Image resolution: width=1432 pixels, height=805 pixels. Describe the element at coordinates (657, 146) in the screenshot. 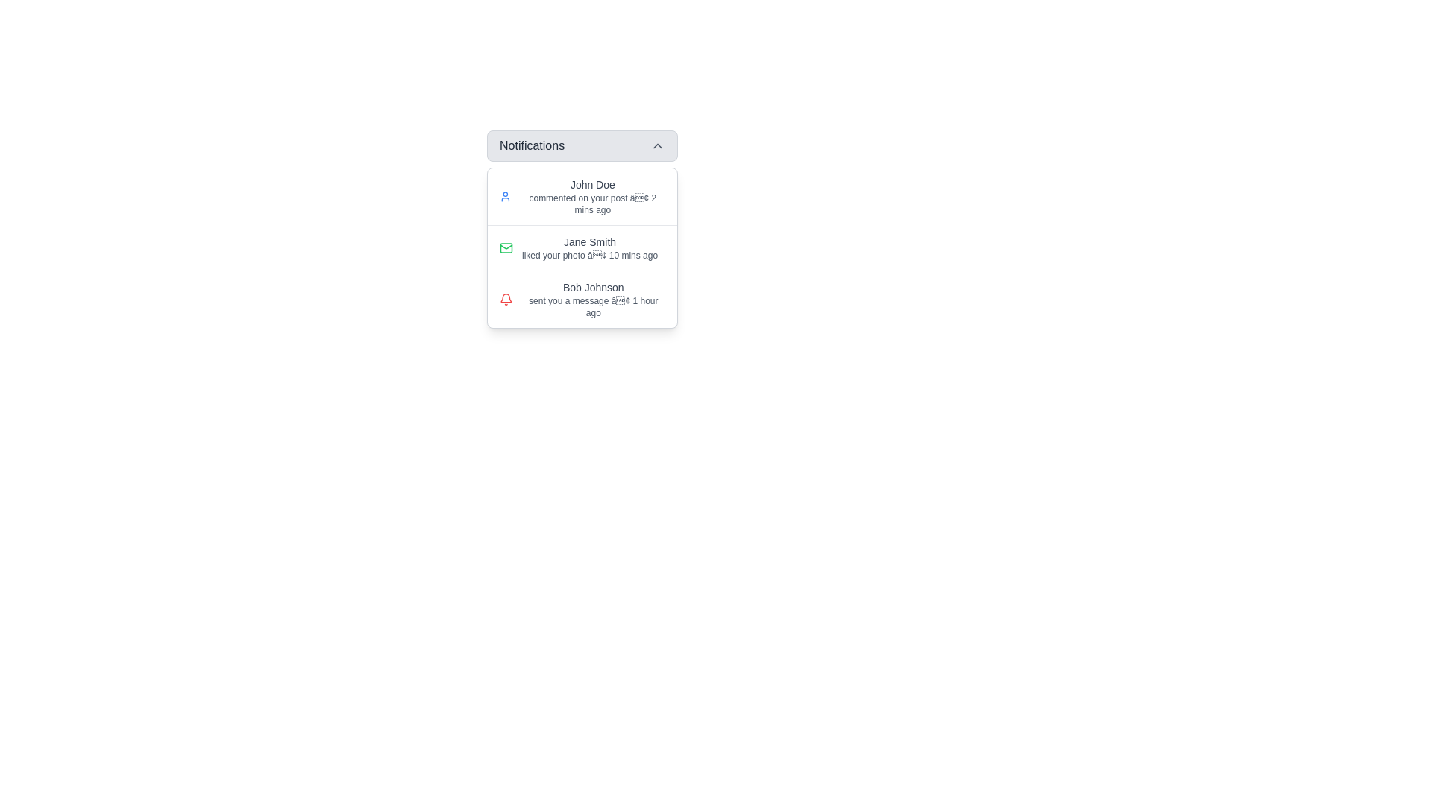

I see `the interactive control icon located on the rightmost side of the 'Notifications' header bar` at that location.